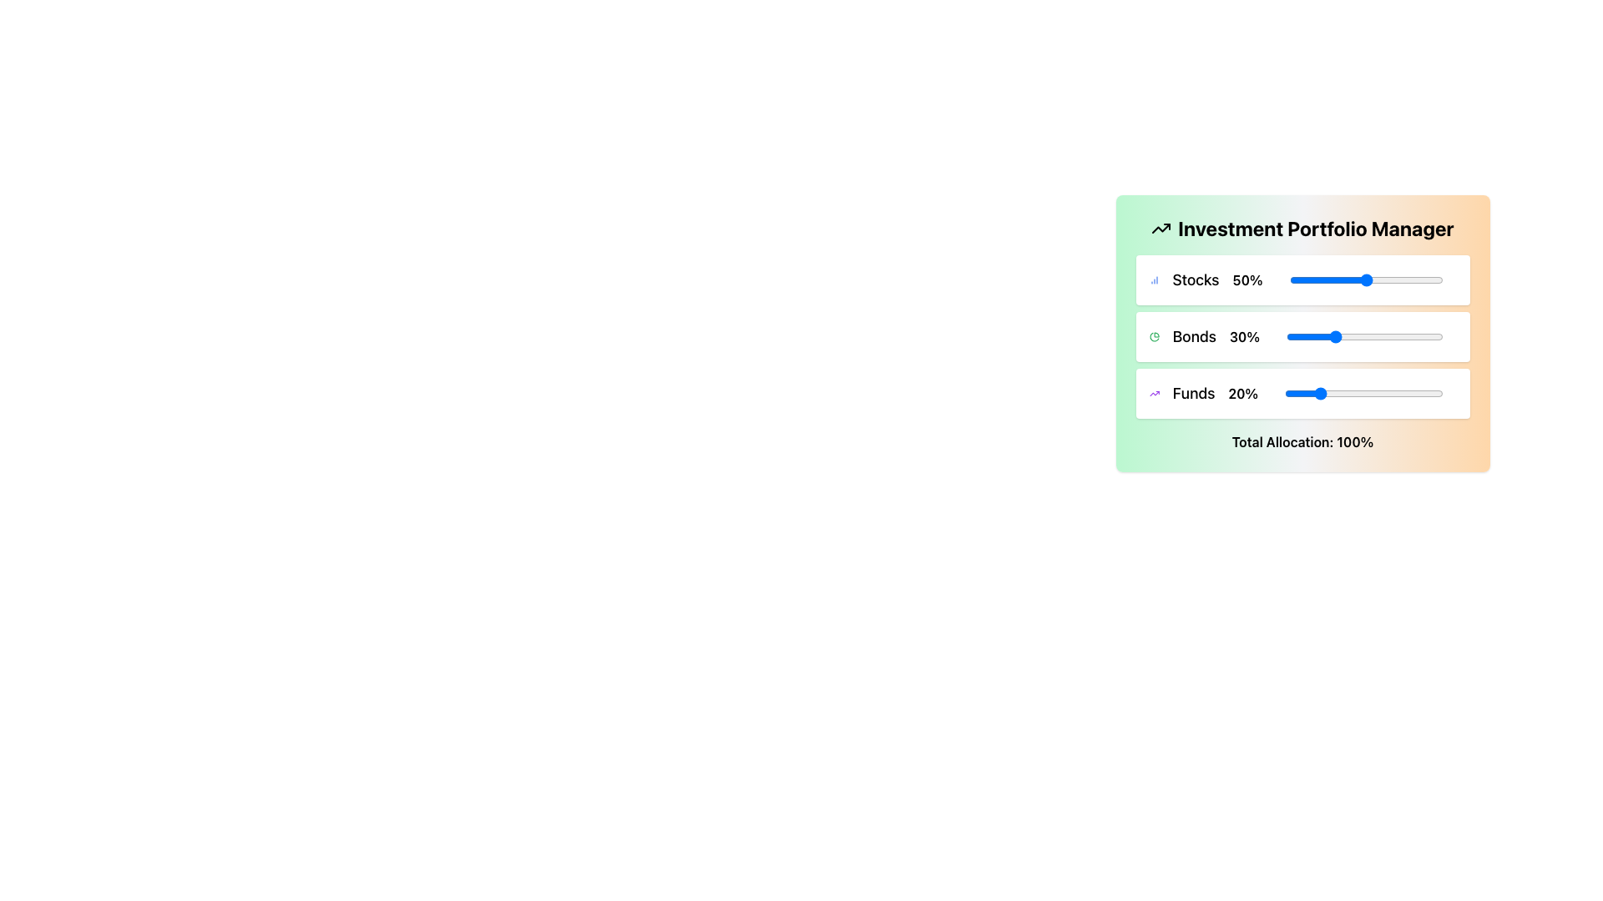 This screenshot has width=1603, height=901. What do you see at coordinates (1366, 279) in the screenshot?
I see `the horizontal range slider located under the title 'Stocks' and percentage '50%'` at bounding box center [1366, 279].